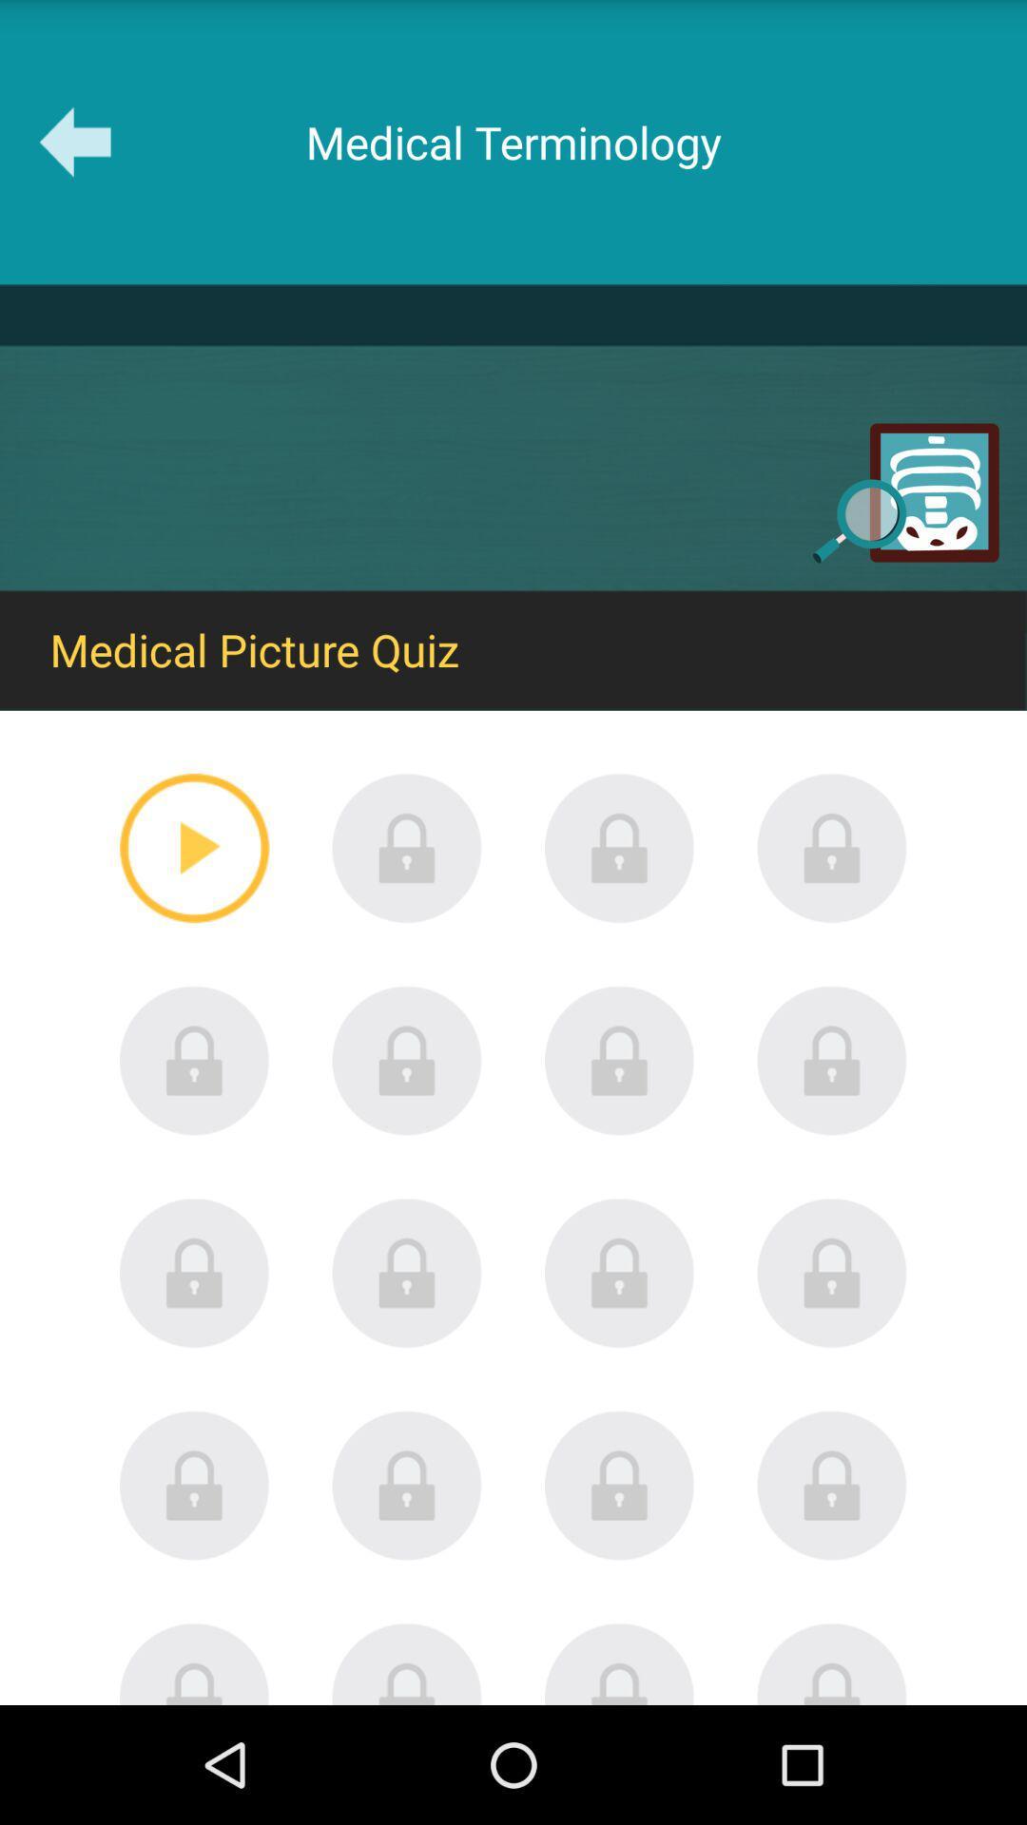 The width and height of the screenshot is (1027, 1825). Describe the element at coordinates (831, 847) in the screenshot. I see `unlock/purchase` at that location.